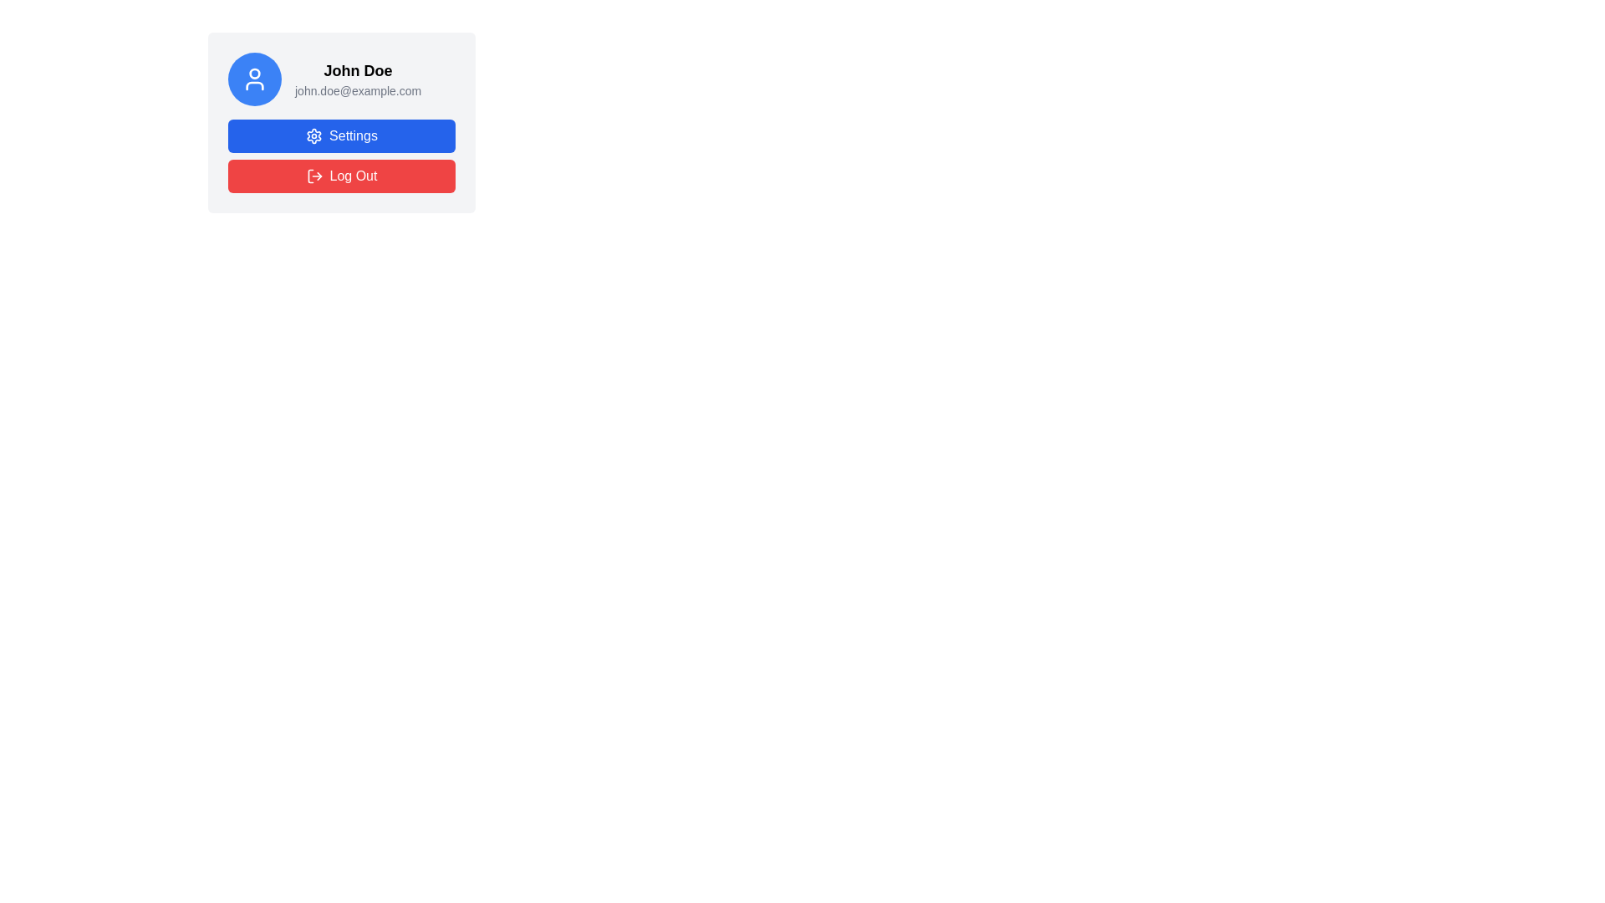 This screenshot has height=903, width=1605. Describe the element at coordinates (314, 135) in the screenshot. I see `the settings icon, which serves as a visual indicator for accessing configuration options` at that location.